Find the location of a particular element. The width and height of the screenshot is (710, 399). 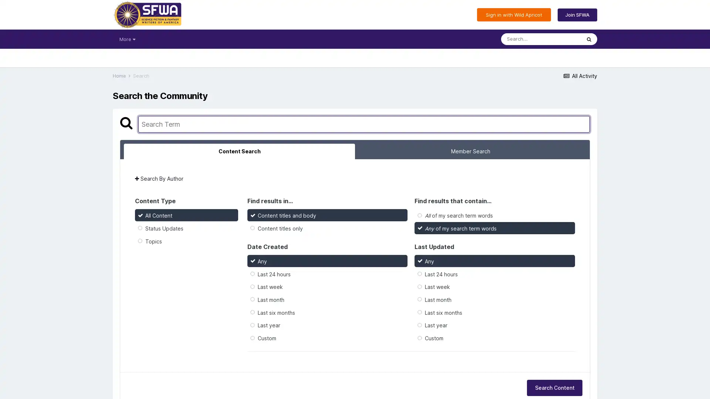

Sign in with Wild Apricot is located at coordinates (514, 14).